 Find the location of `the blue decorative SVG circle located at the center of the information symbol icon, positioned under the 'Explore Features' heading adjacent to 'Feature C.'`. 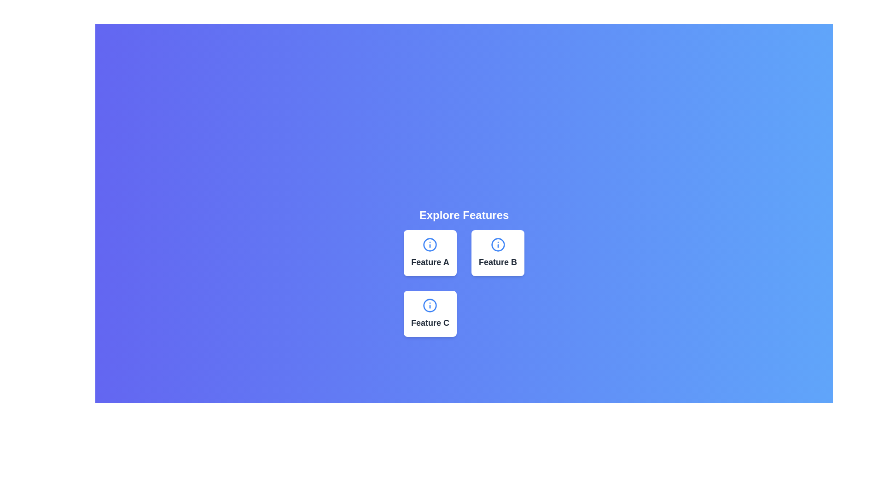

the blue decorative SVG circle located at the center of the information symbol icon, positioned under the 'Explore Features' heading adjacent to 'Feature C.' is located at coordinates (430, 305).